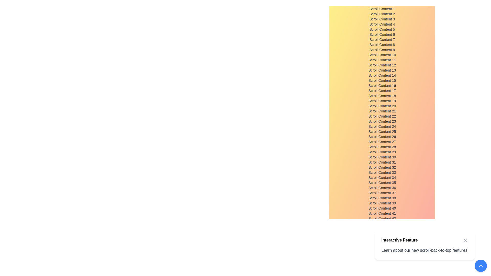 The image size is (491, 276). I want to click on the 24th Text label in the scrollable list, which represents an item titled 'Scroll Content 24', so click(382, 126).